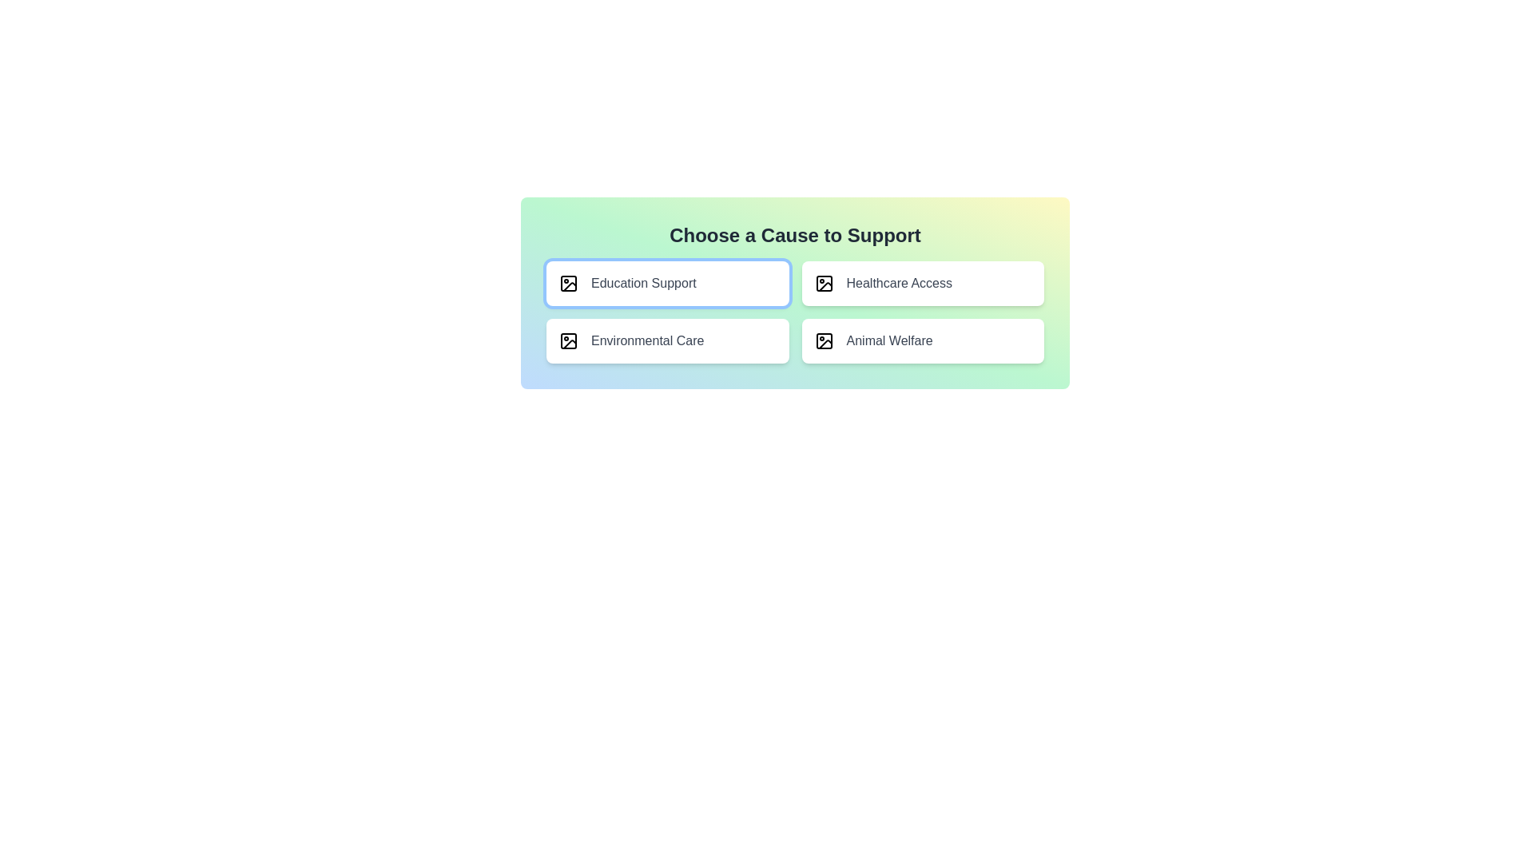 This screenshot has width=1534, height=863. Describe the element at coordinates (824, 340) in the screenshot. I see `the rectangular Icon component representing an image or picture, located in the bottom-right section of the interface, next to the text 'Animal Welfare'` at that location.